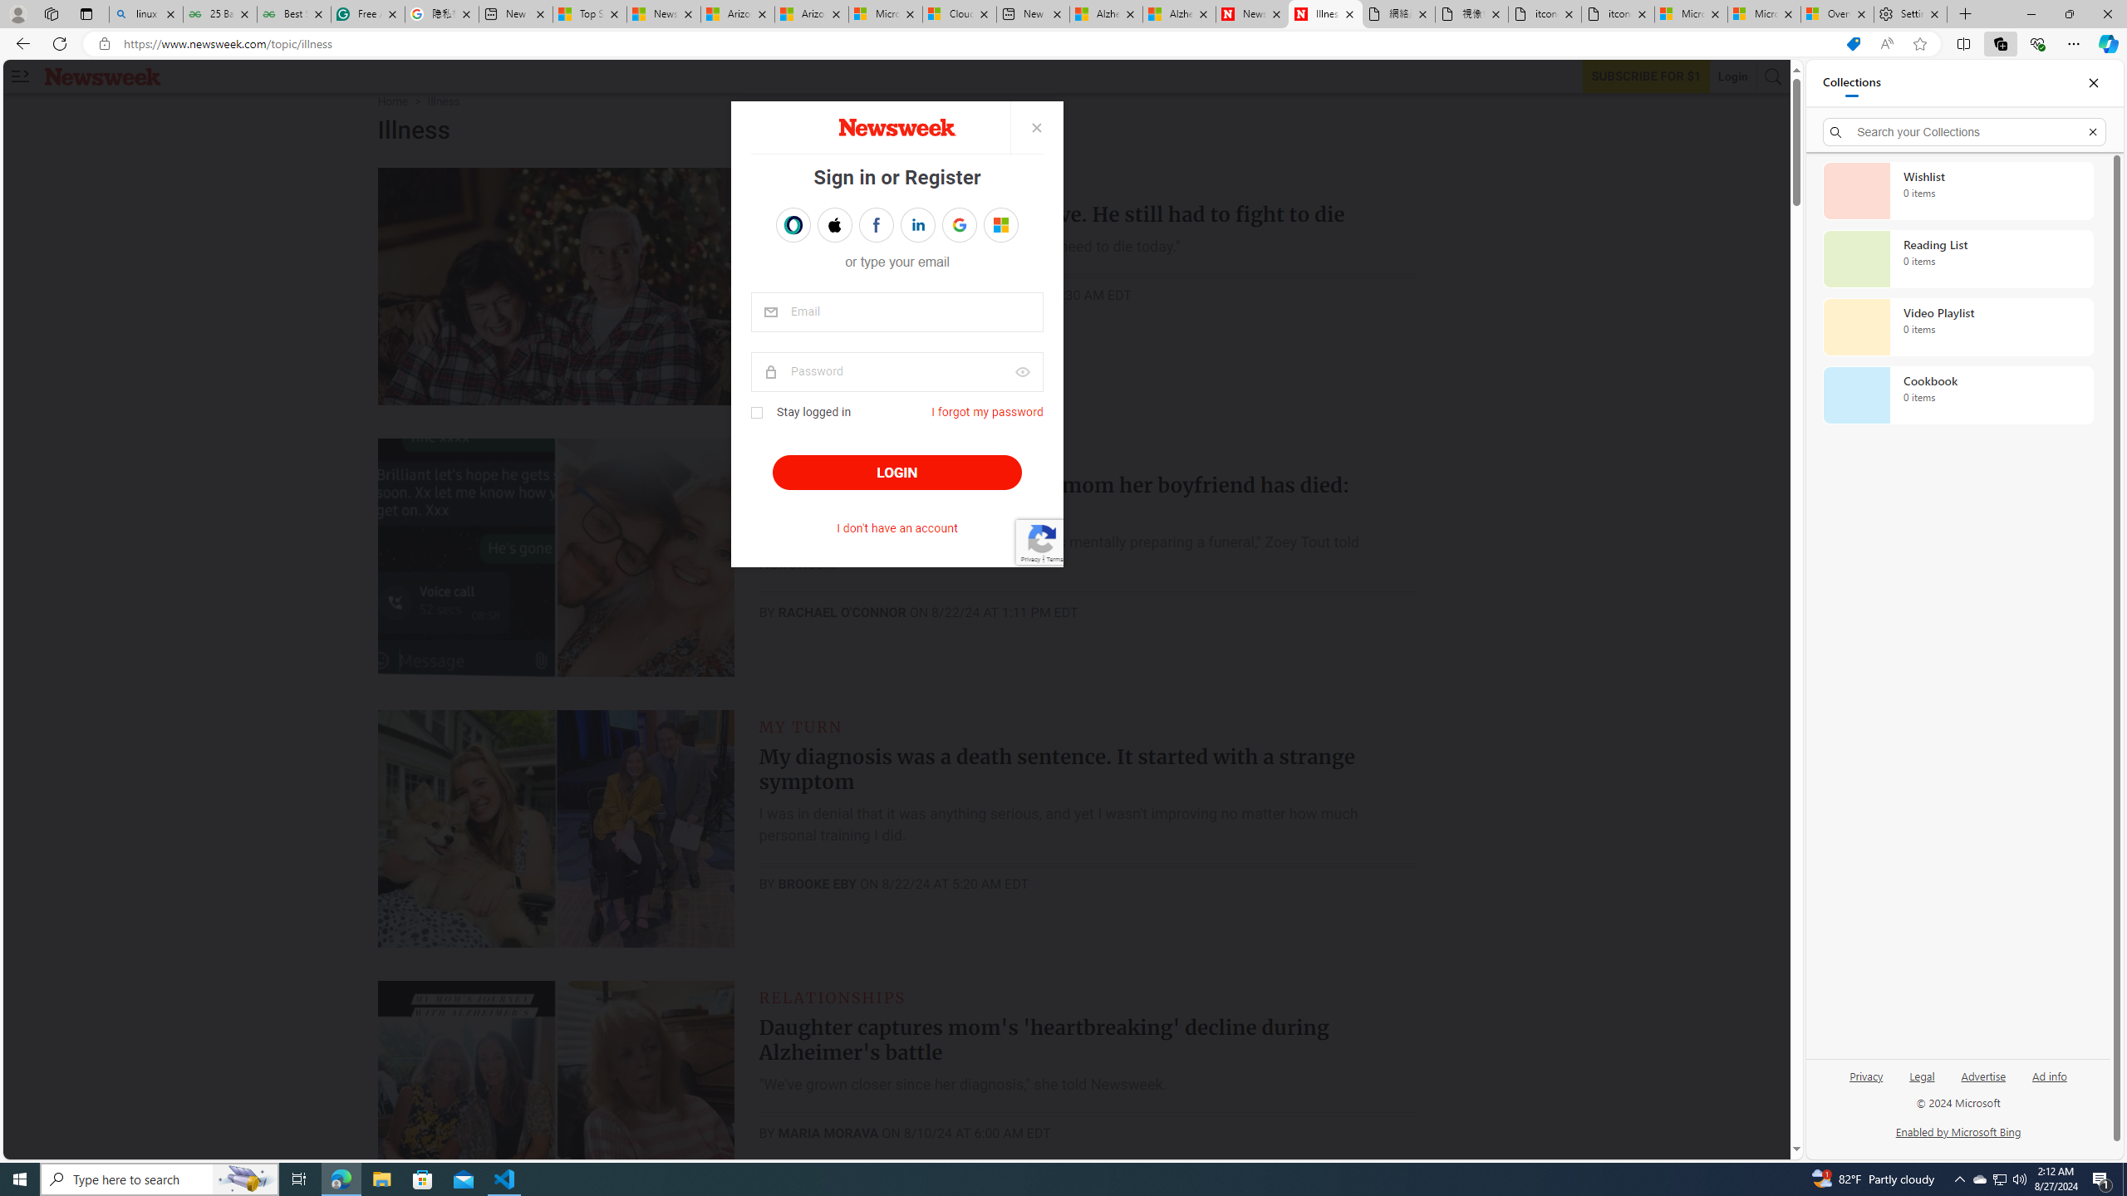 The width and height of the screenshot is (2127, 1196). Describe the element at coordinates (1982, 1075) in the screenshot. I see `'Advertise'` at that location.